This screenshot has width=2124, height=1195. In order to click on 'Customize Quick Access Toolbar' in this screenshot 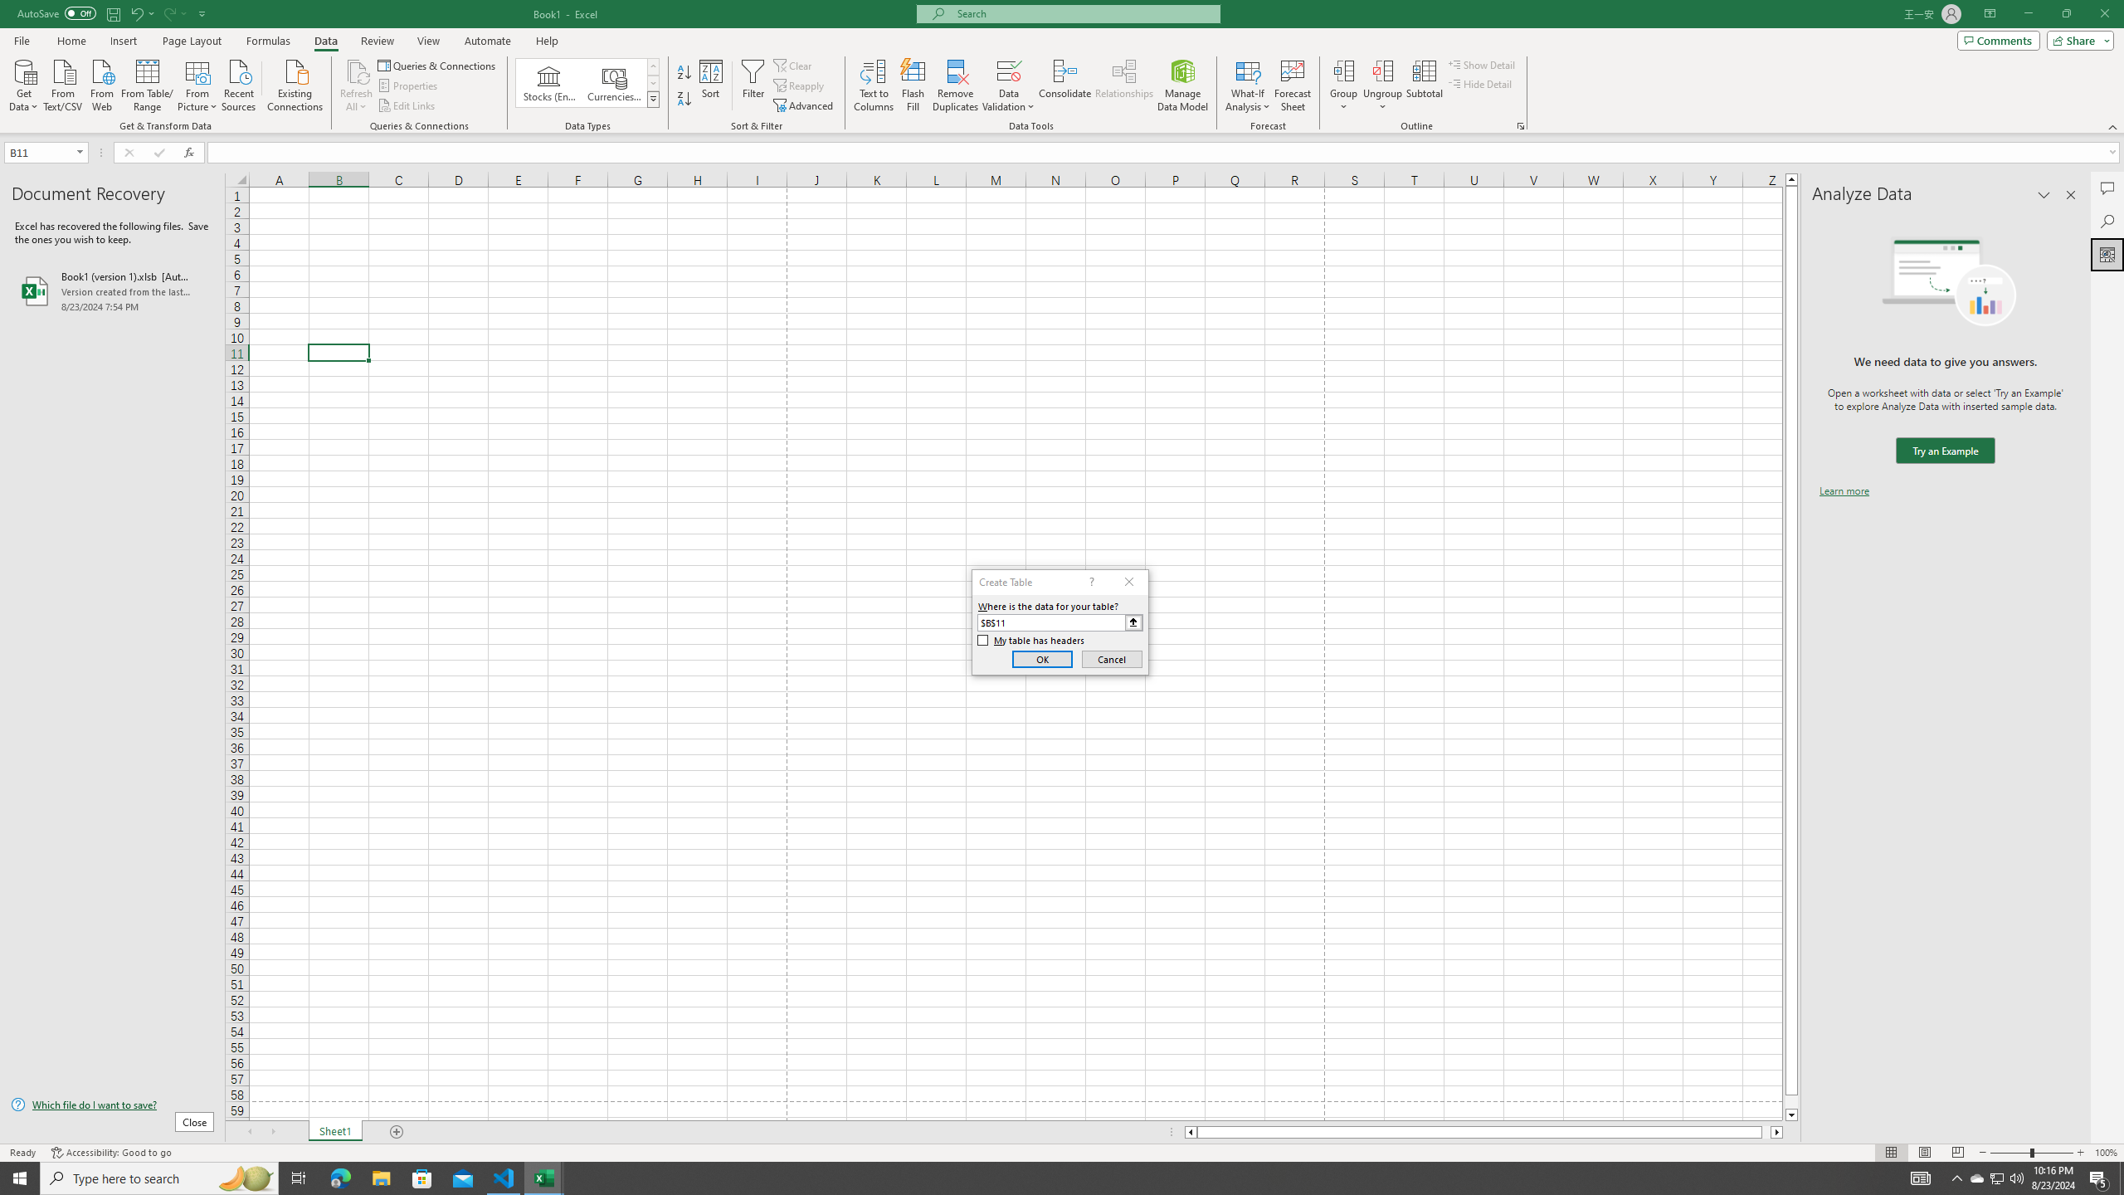, I will do `click(202, 12)`.